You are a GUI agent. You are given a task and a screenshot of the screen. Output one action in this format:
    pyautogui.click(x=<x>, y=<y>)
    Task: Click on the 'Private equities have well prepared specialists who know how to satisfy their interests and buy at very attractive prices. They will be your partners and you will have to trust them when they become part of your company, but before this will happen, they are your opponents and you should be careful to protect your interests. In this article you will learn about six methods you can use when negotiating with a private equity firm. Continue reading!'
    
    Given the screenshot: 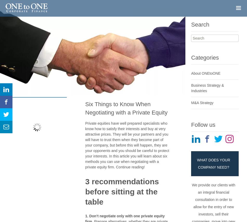 What is the action you would take?
    pyautogui.click(x=127, y=145)
    